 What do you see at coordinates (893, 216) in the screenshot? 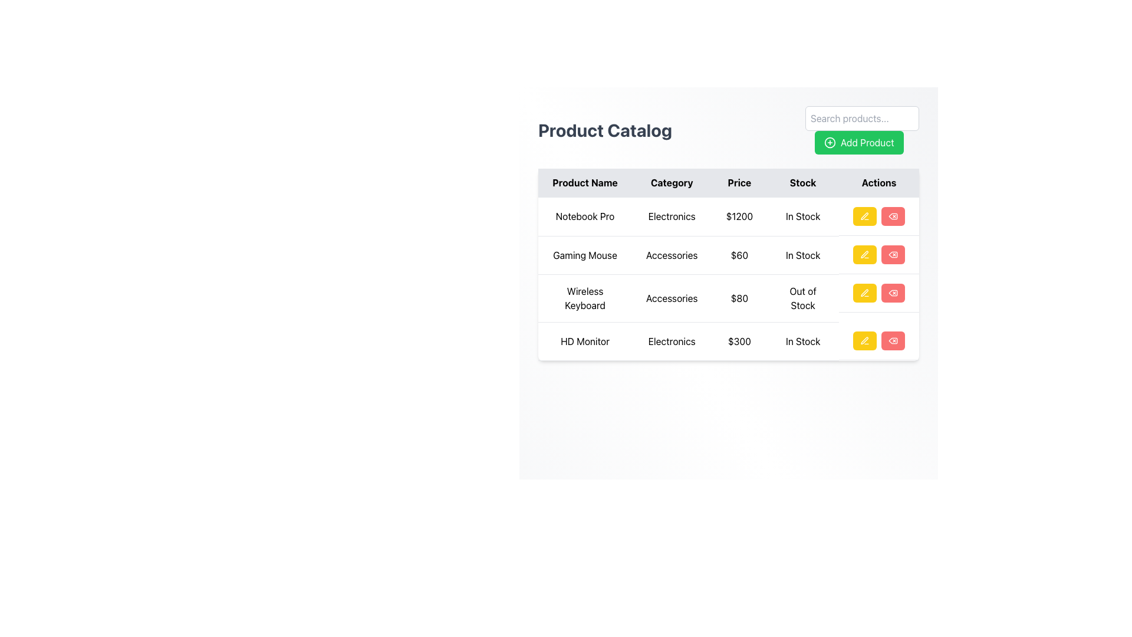
I see `the delete icon button located in the 'Actions' column of the data table row for the Wireless Keyboard product` at bounding box center [893, 216].